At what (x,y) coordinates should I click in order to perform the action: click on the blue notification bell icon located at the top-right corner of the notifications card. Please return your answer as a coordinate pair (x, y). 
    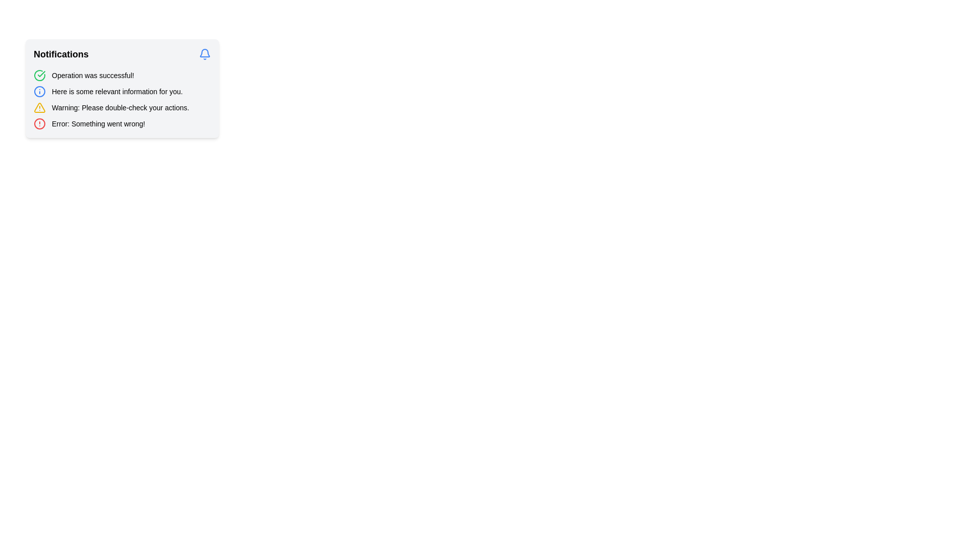
    Looking at the image, I should click on (204, 54).